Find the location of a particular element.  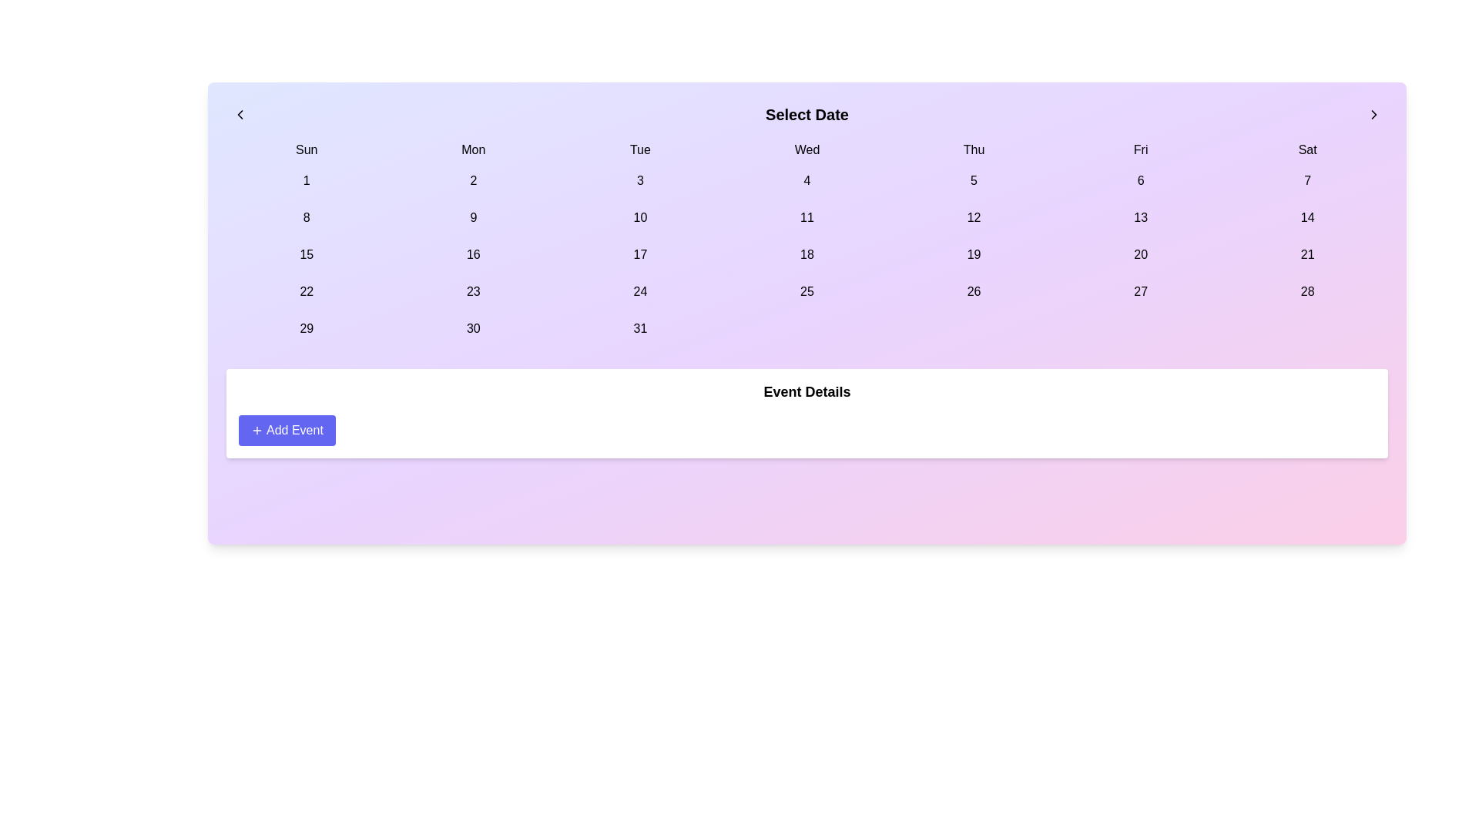

the date button representing the 26th day of the month in the calendar interface is located at coordinates (973, 291).